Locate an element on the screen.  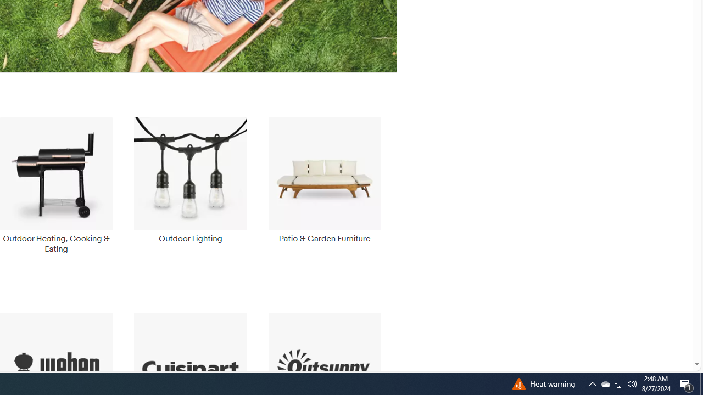
'Outdoor Lighting' is located at coordinates (190, 180).